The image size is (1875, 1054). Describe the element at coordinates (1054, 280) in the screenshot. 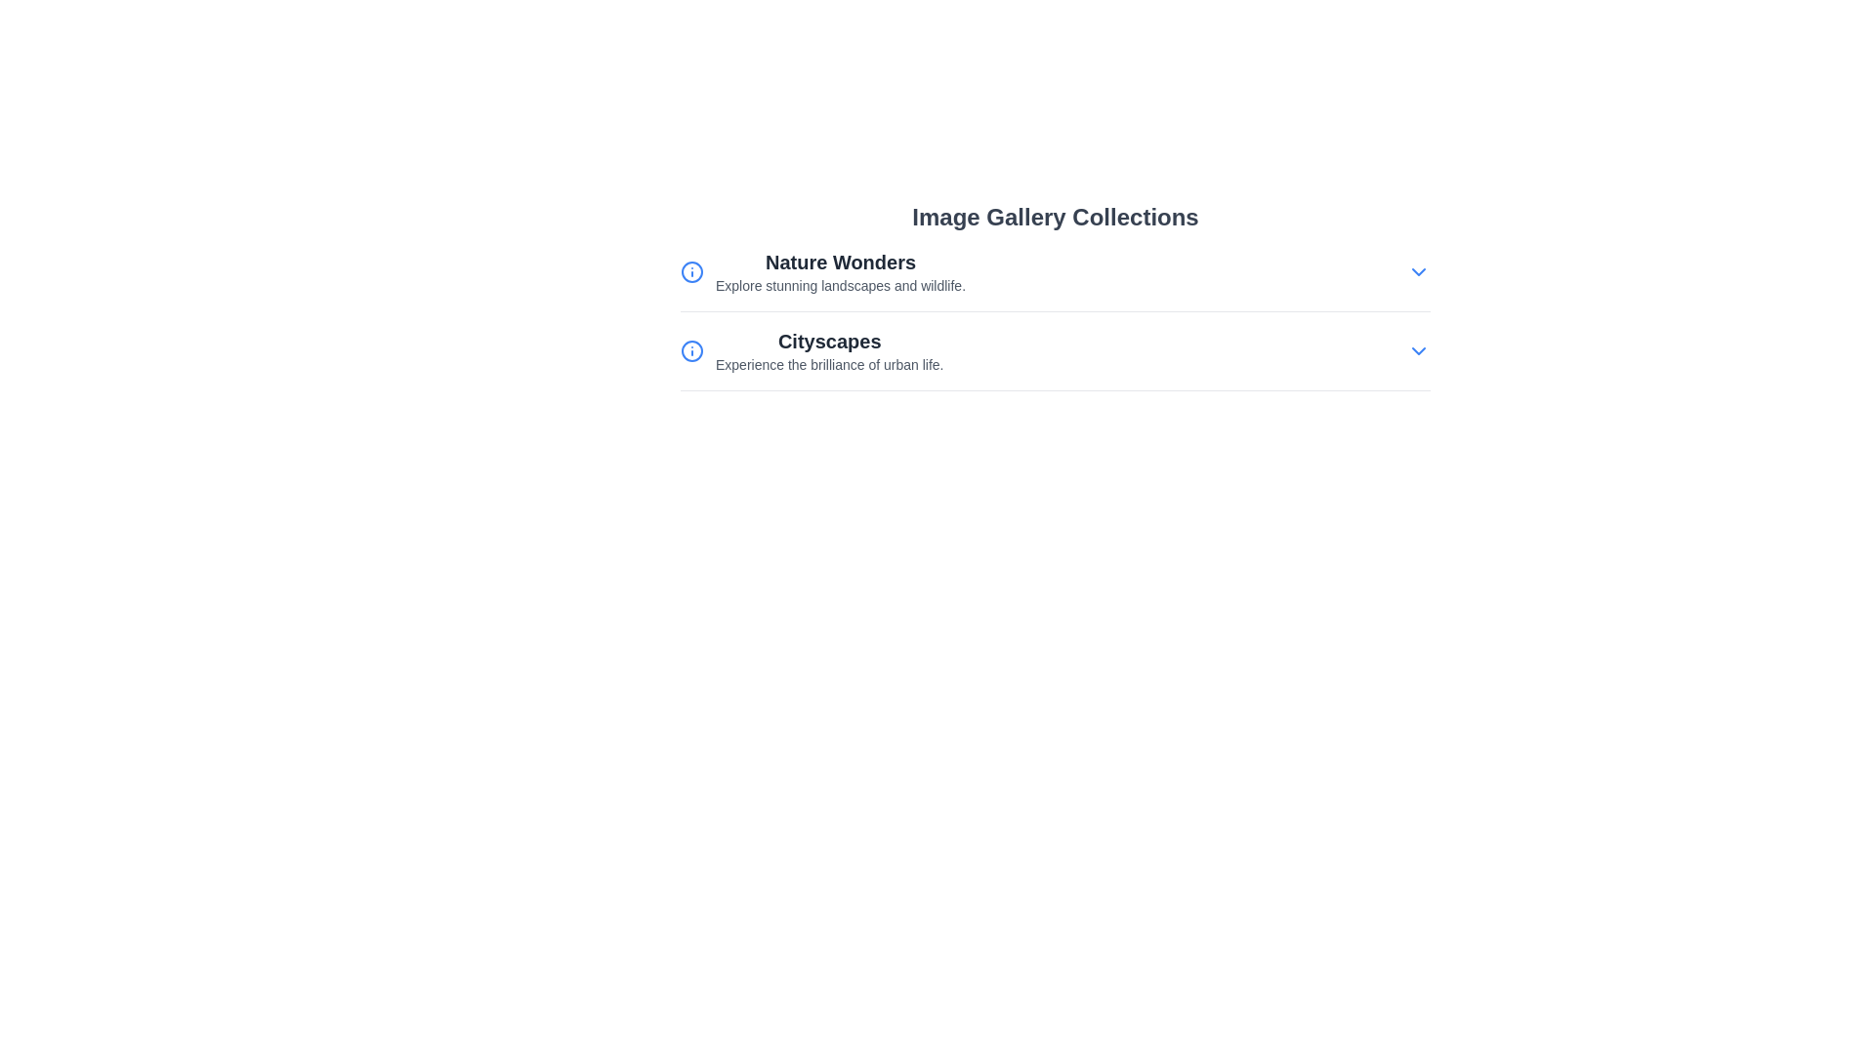

I see `the expandable list item located below the title 'Image Gallery Collections'` at that location.